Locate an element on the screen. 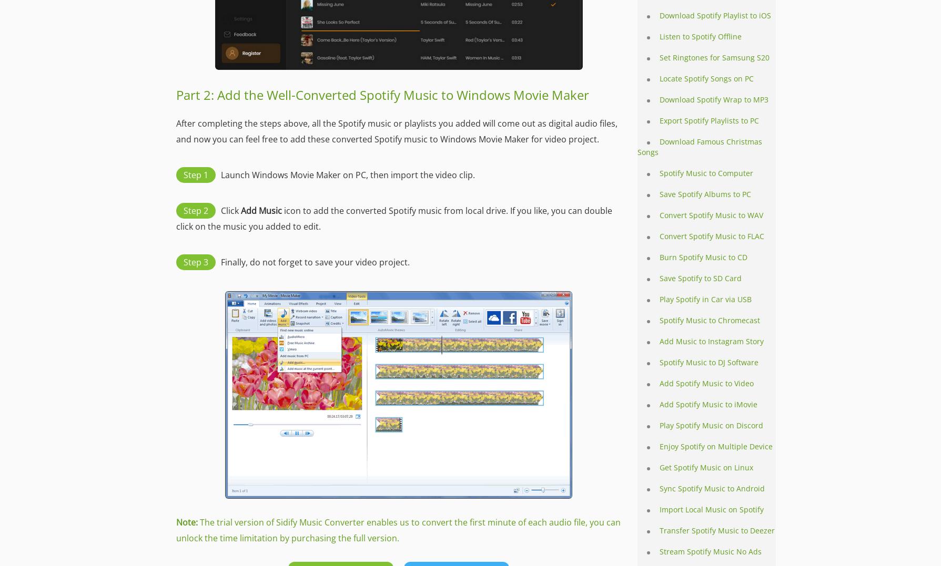 This screenshot has width=941, height=566. 'Save Spotify to SD Card' is located at coordinates (701, 277).